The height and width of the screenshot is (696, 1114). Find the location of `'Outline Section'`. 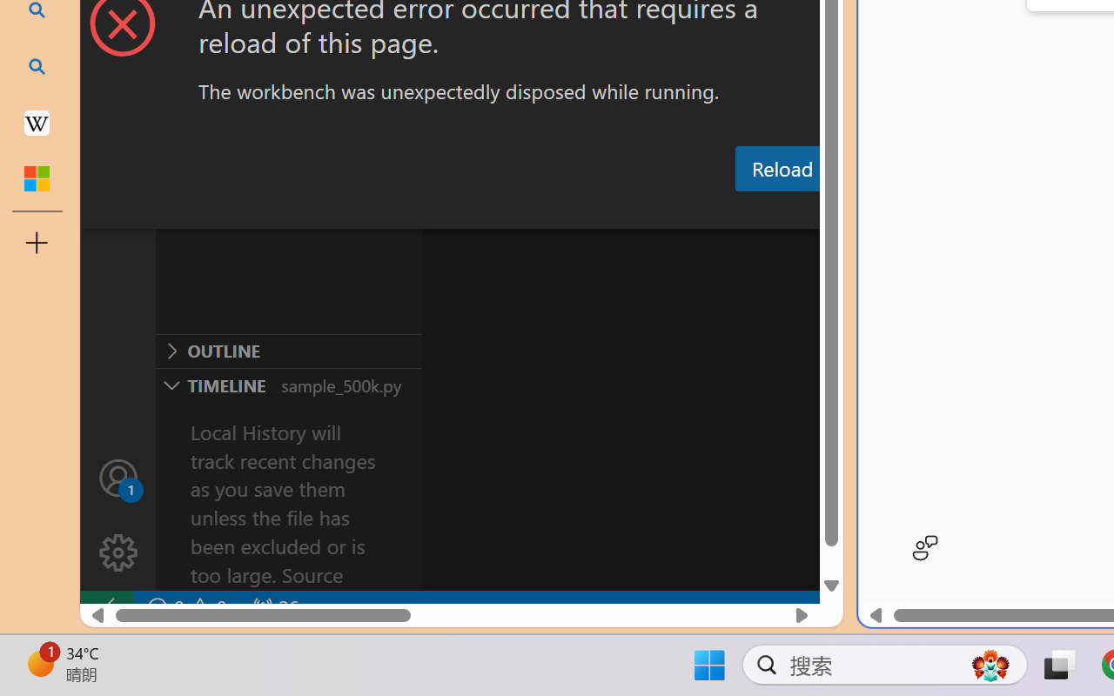

'Outline Section' is located at coordinates (288, 351).